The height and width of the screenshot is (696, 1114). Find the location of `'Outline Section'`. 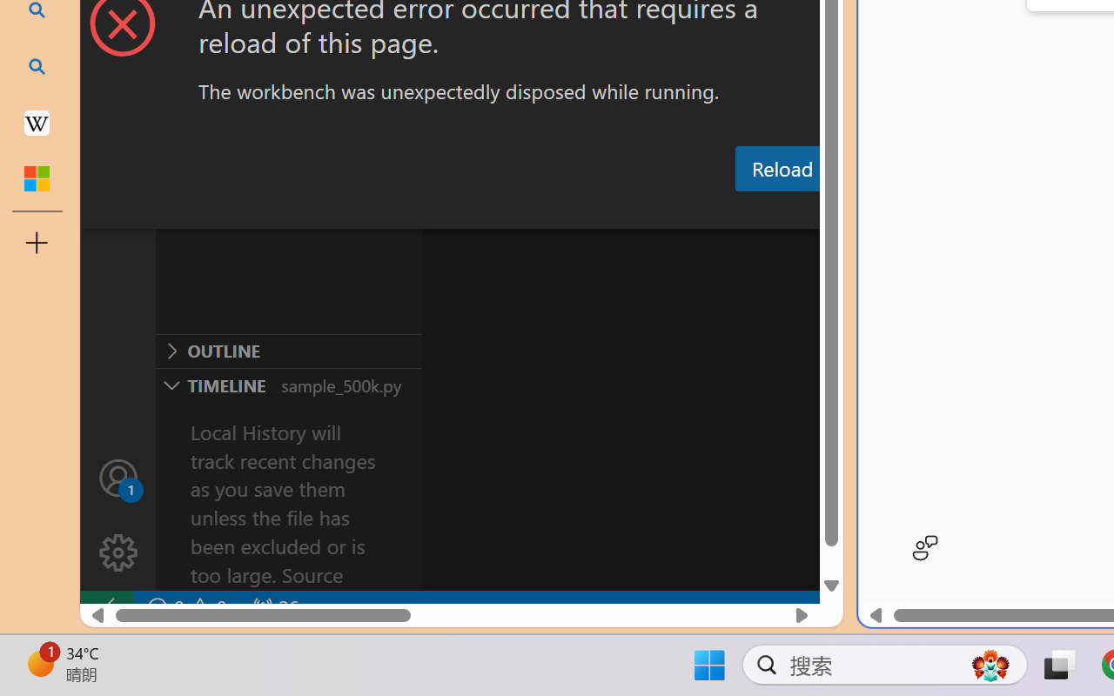

'Outline Section' is located at coordinates (288, 351).